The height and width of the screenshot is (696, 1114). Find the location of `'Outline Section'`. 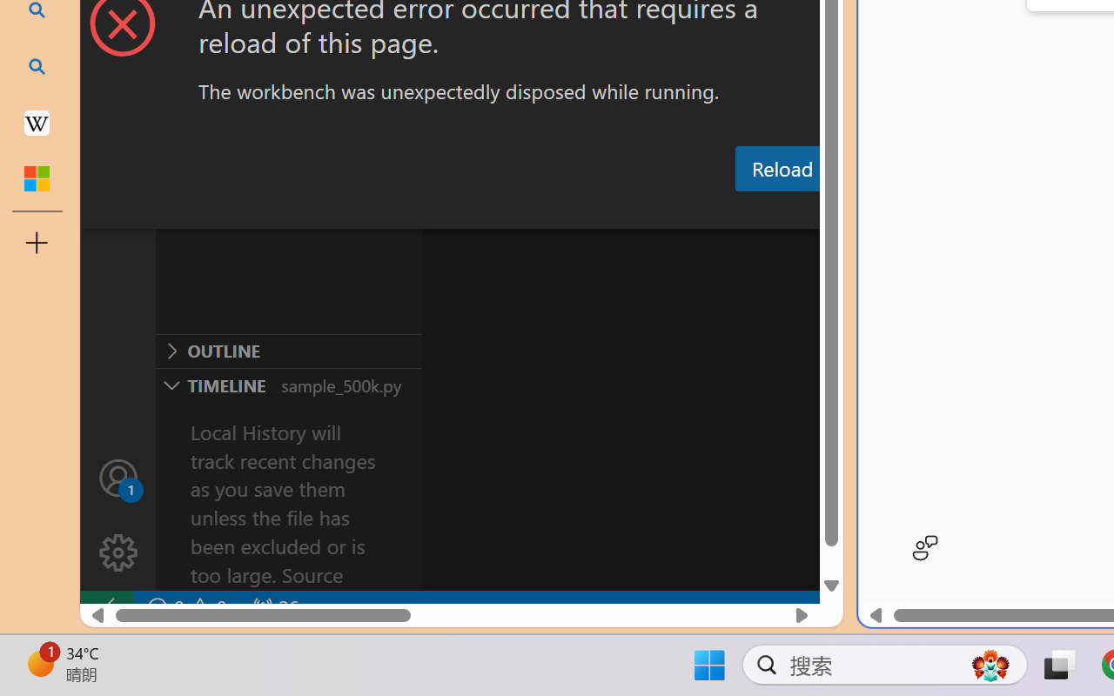

'Outline Section' is located at coordinates (288, 351).